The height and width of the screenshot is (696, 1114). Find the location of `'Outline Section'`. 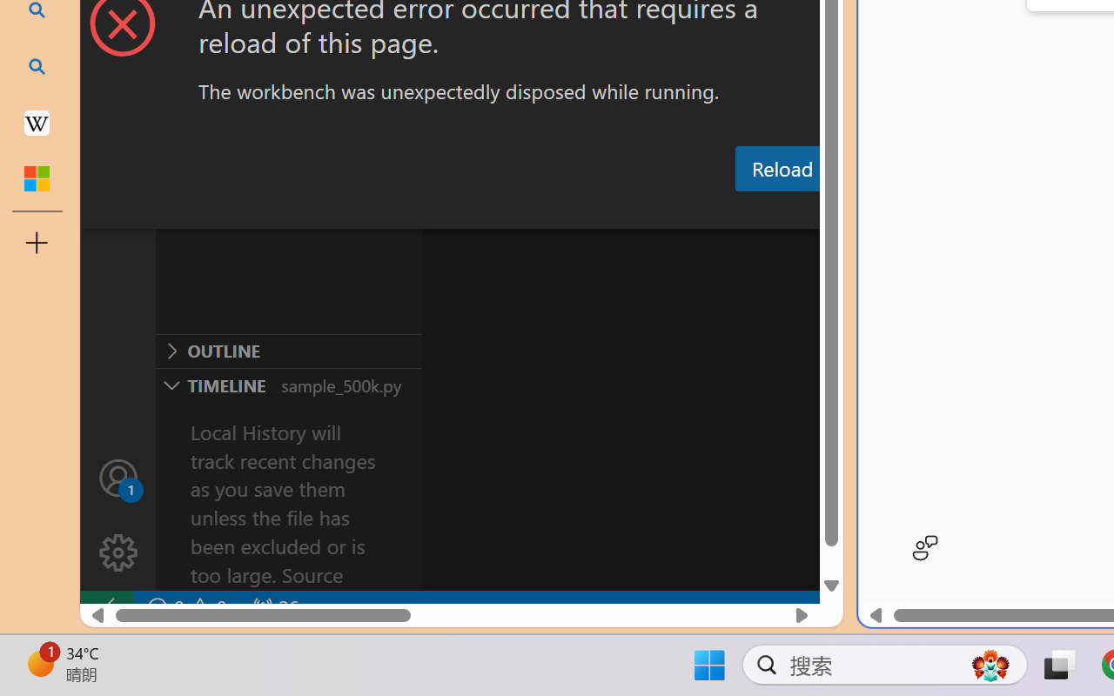

'Outline Section' is located at coordinates (288, 351).